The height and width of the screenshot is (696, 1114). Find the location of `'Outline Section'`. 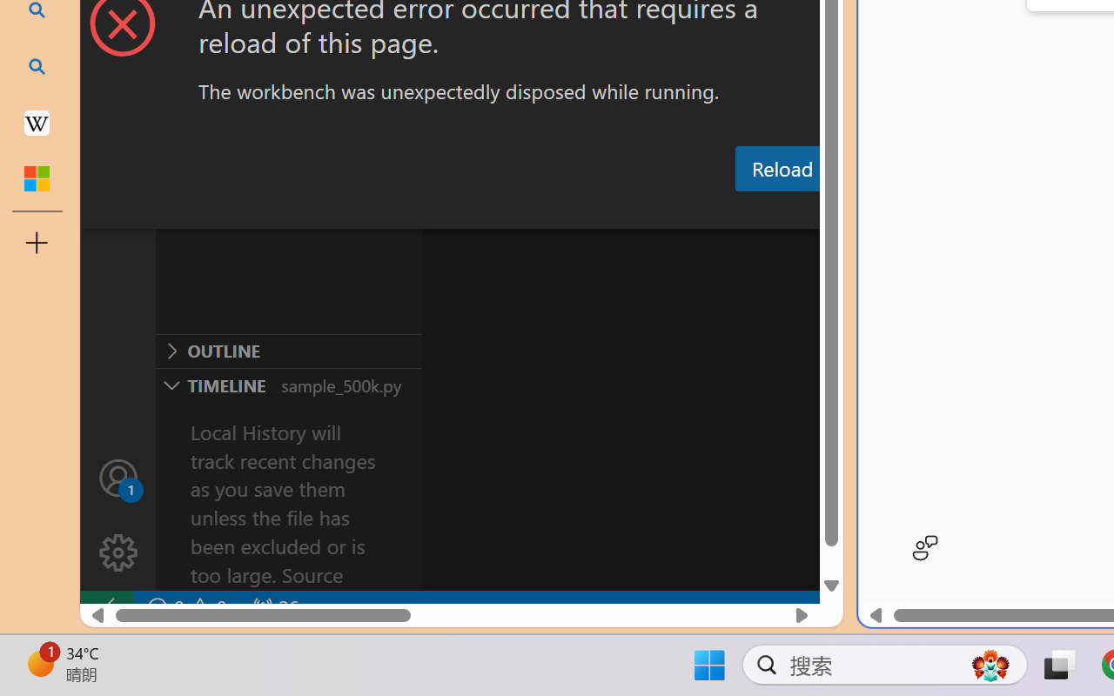

'Outline Section' is located at coordinates (288, 351).